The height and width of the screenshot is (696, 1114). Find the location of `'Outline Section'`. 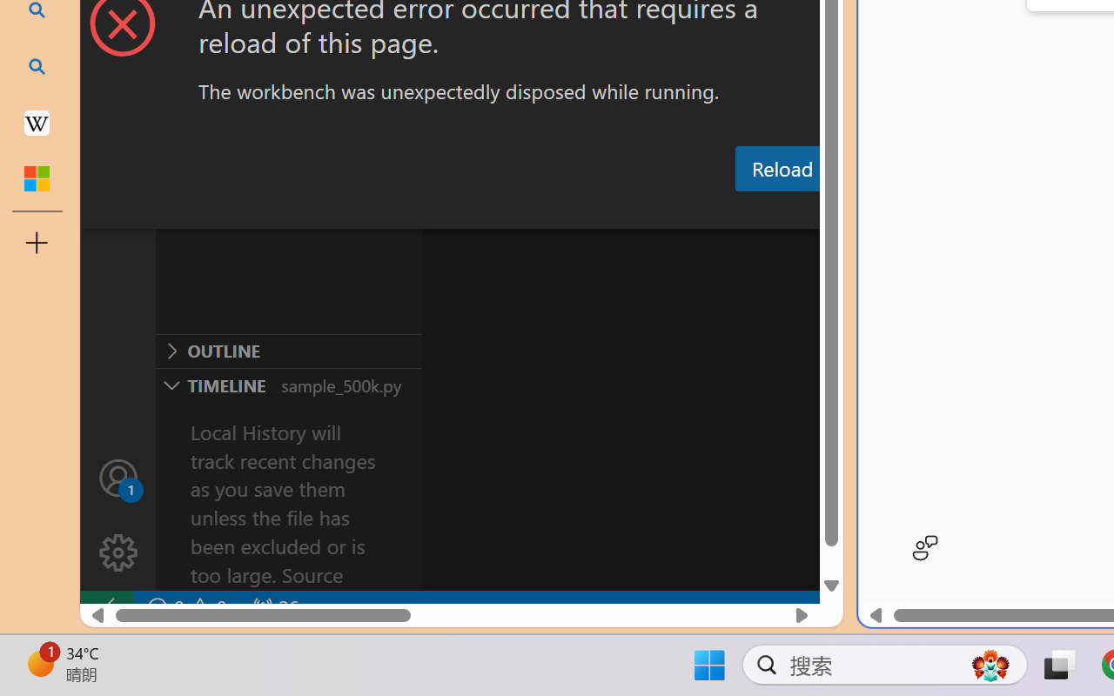

'Outline Section' is located at coordinates (288, 351).